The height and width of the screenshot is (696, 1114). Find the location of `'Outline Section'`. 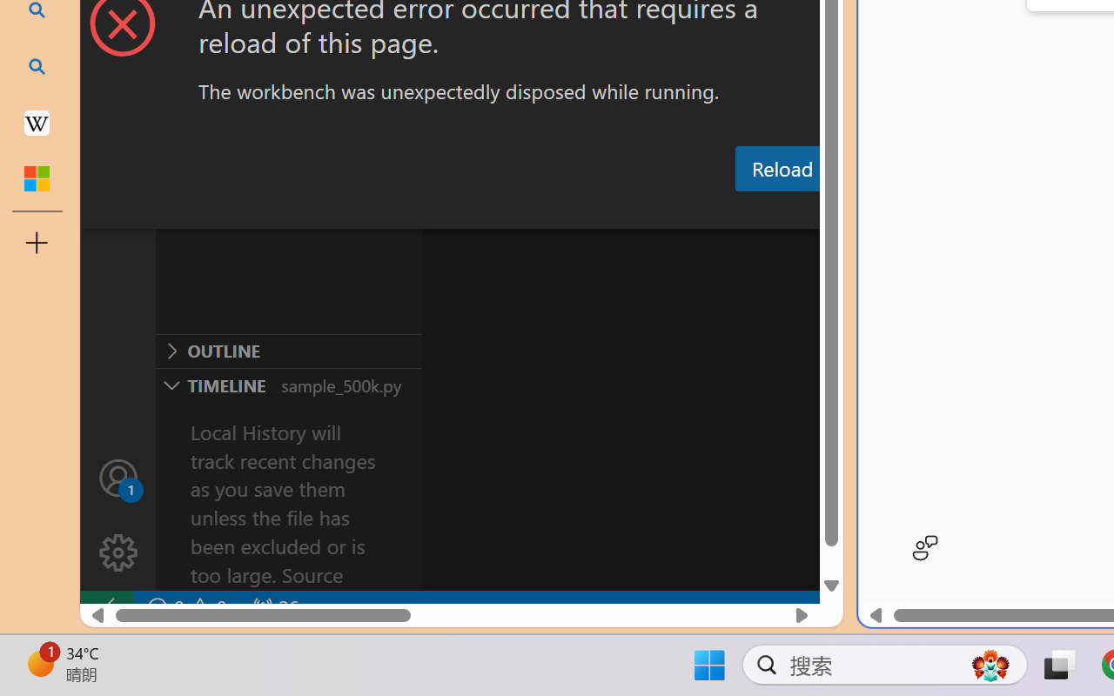

'Outline Section' is located at coordinates (288, 351).